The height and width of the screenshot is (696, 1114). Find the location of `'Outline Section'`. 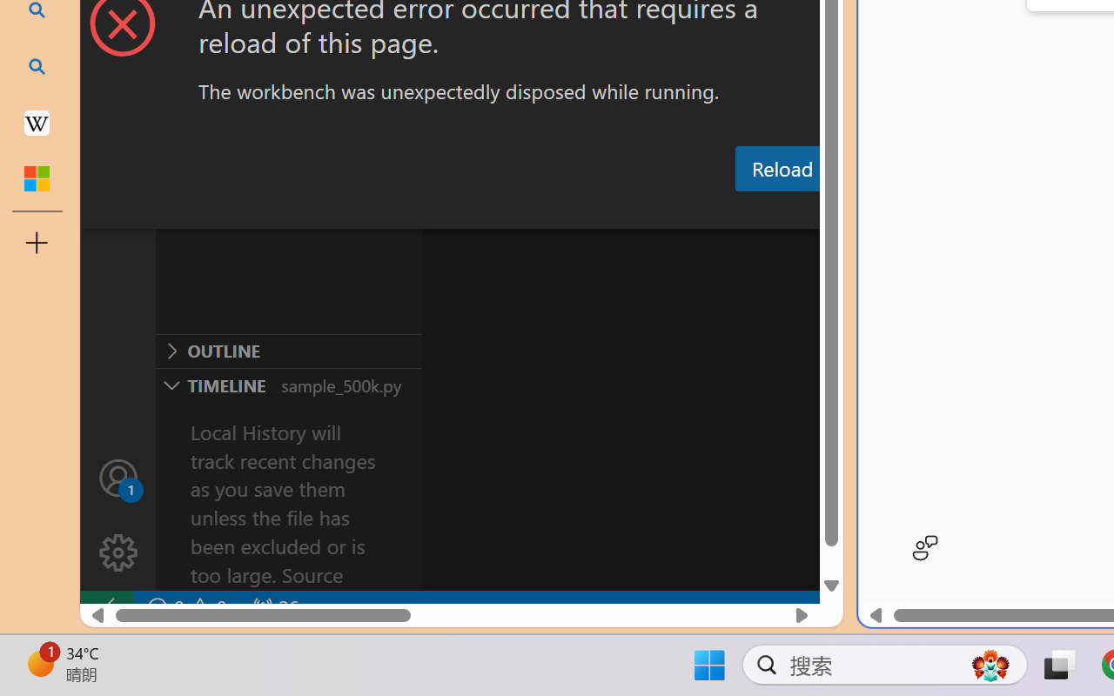

'Outline Section' is located at coordinates (288, 351).